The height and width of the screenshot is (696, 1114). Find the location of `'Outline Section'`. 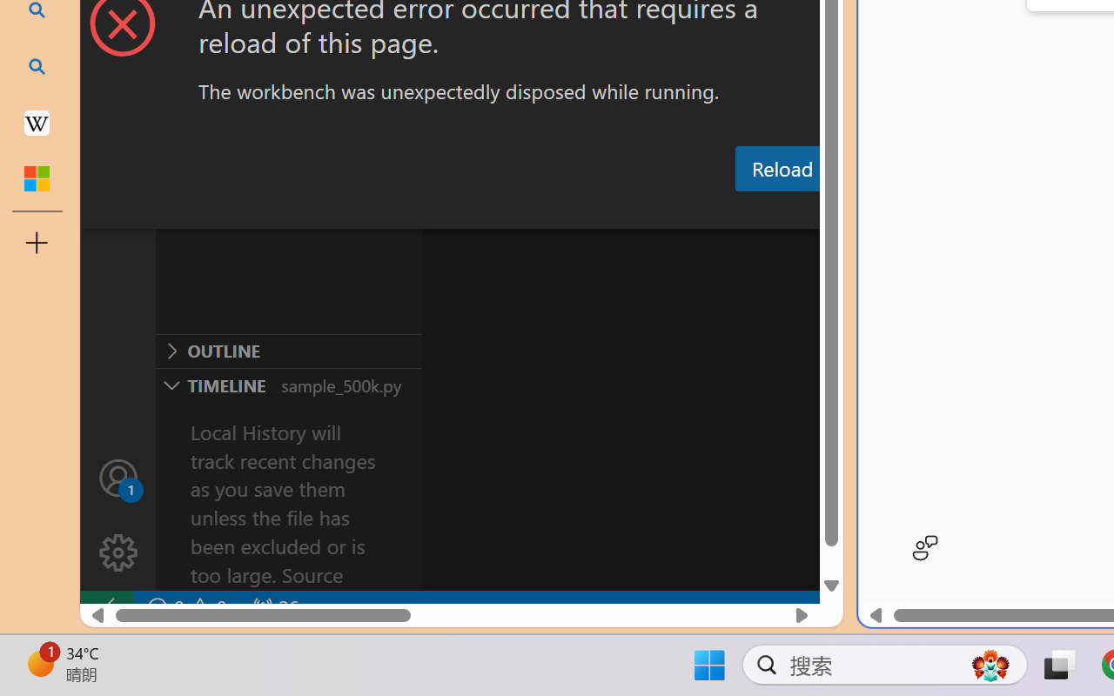

'Outline Section' is located at coordinates (288, 351).